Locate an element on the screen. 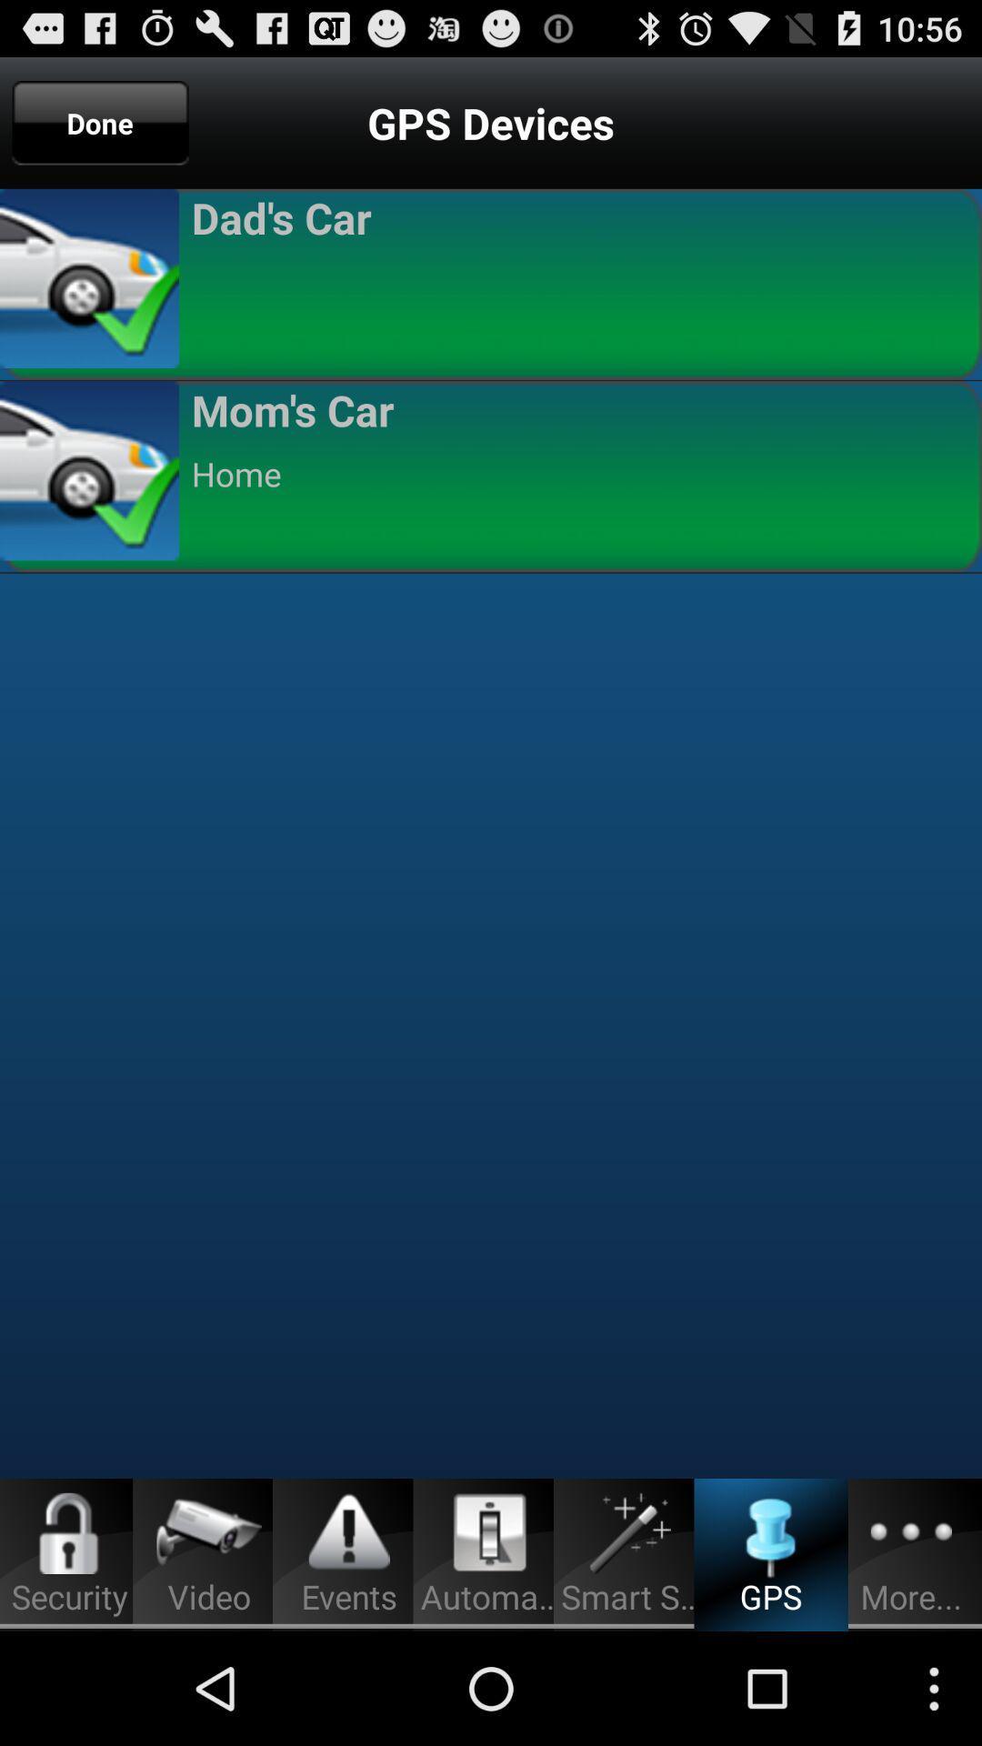 Image resolution: width=982 pixels, height=1746 pixels. icon below the dad's car item is located at coordinates (578, 280).